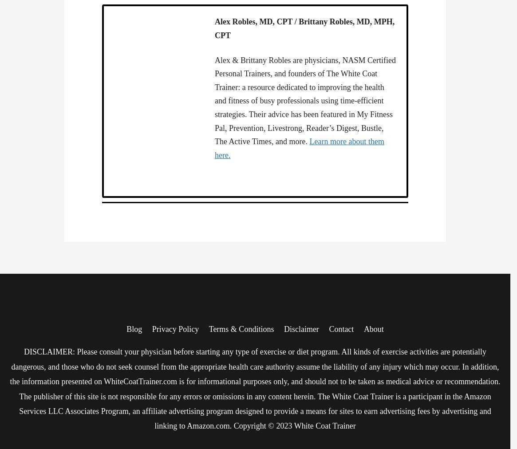 The height and width of the screenshot is (449, 517). What do you see at coordinates (373, 328) in the screenshot?
I see `'About'` at bounding box center [373, 328].